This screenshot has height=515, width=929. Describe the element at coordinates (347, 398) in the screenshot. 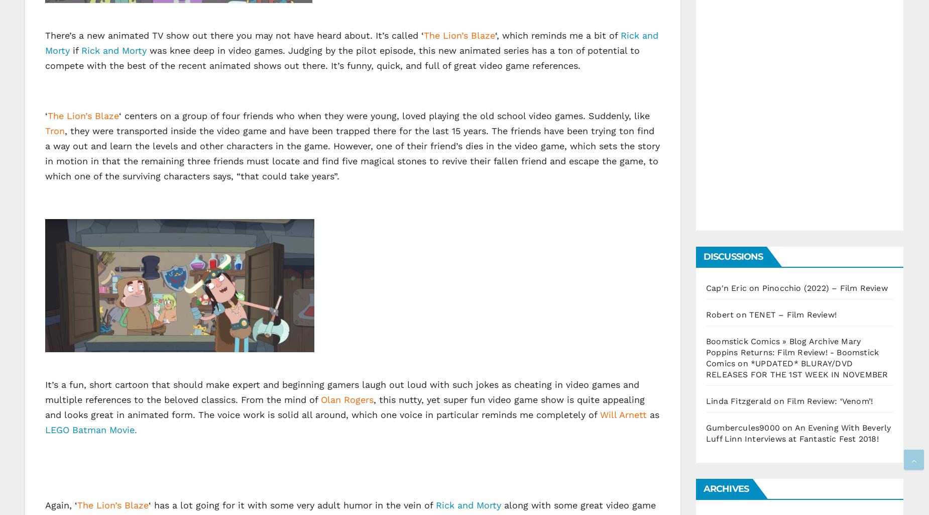

I see `'Olan Rogers'` at that location.